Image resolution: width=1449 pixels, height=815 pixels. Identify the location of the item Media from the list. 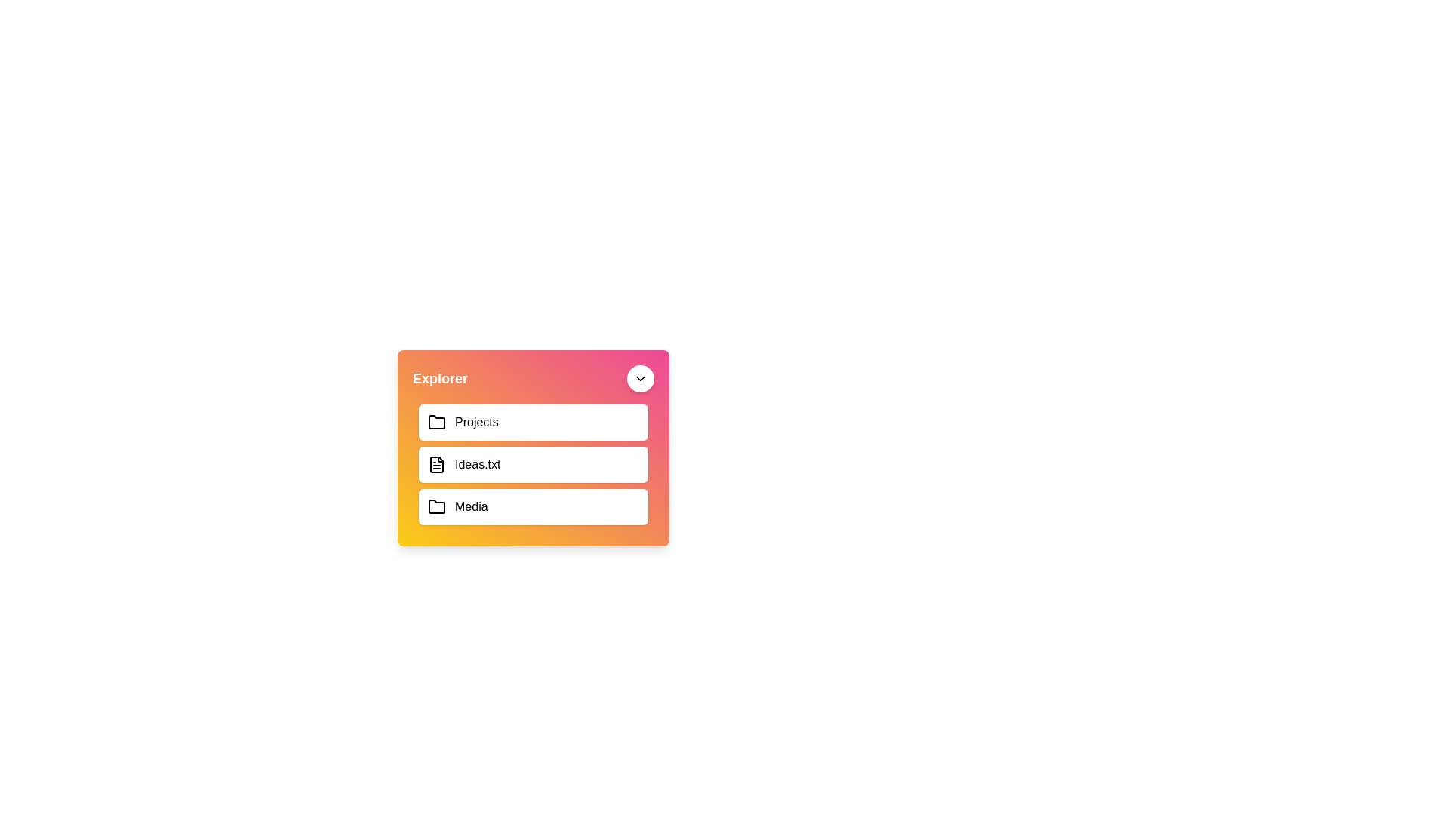
(533, 506).